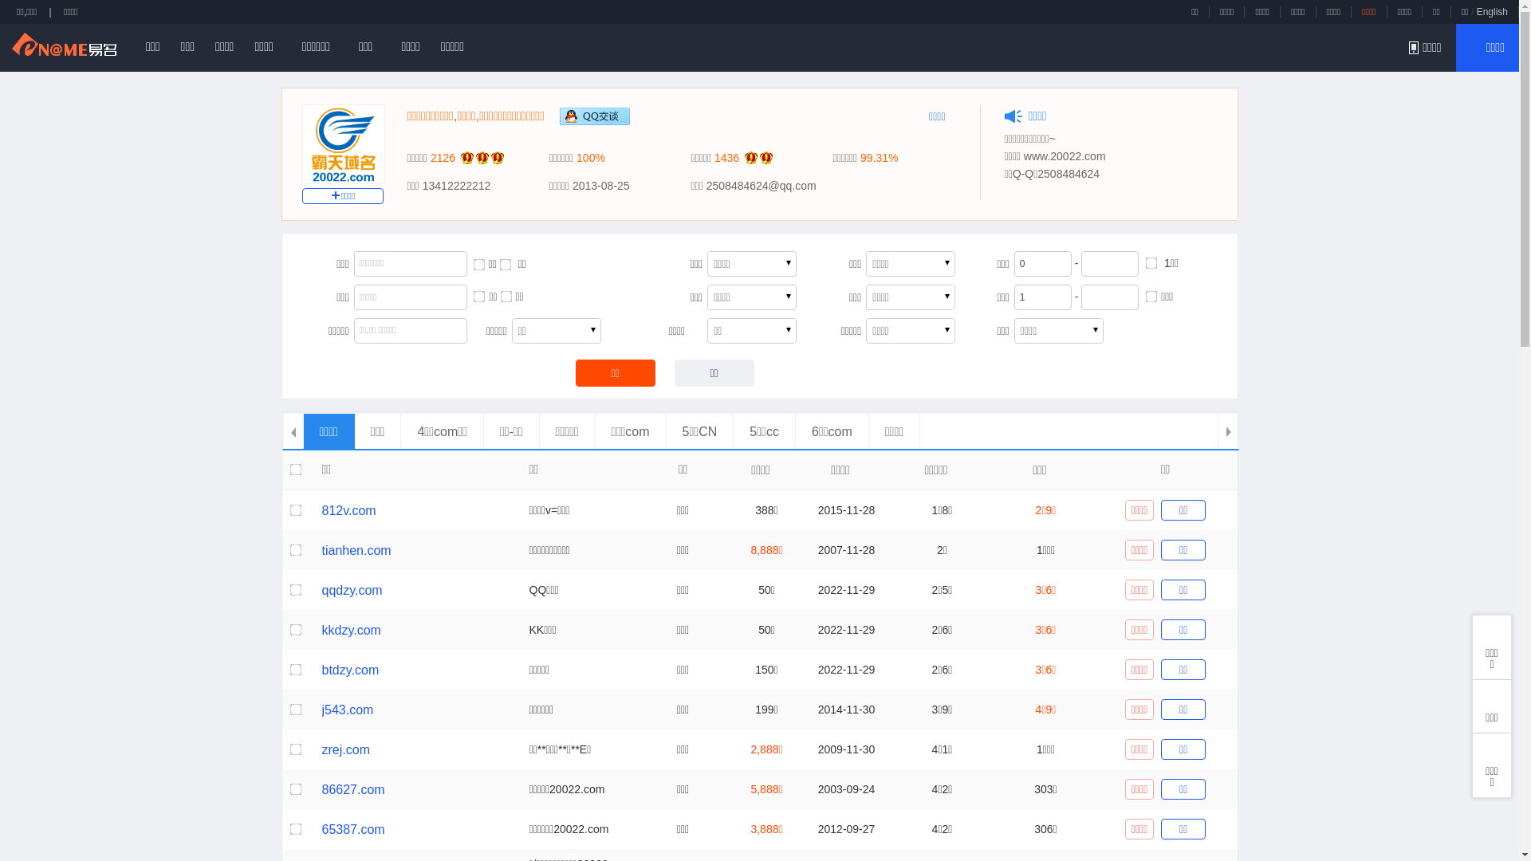 The image size is (1531, 861). Describe the element at coordinates (443, 157) in the screenshot. I see `'2126'` at that location.